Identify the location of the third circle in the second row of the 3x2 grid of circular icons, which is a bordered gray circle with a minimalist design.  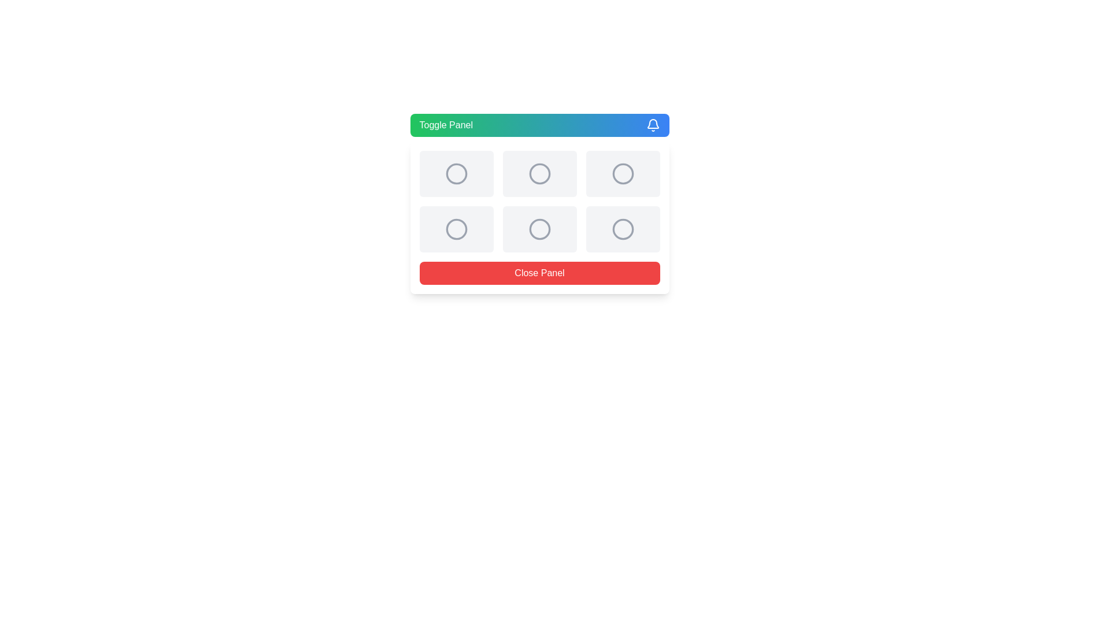
(539, 229).